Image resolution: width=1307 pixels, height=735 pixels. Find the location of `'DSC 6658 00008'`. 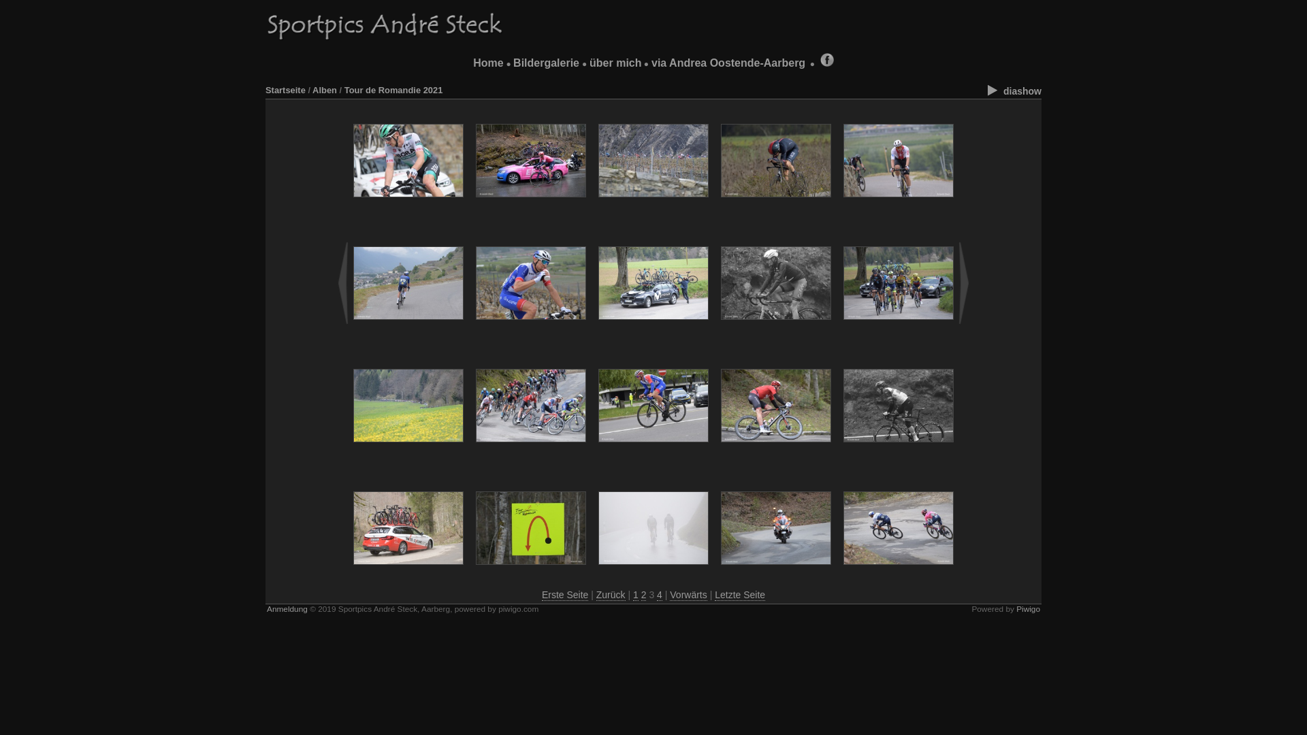

'DSC 6658 00008' is located at coordinates (408, 159).